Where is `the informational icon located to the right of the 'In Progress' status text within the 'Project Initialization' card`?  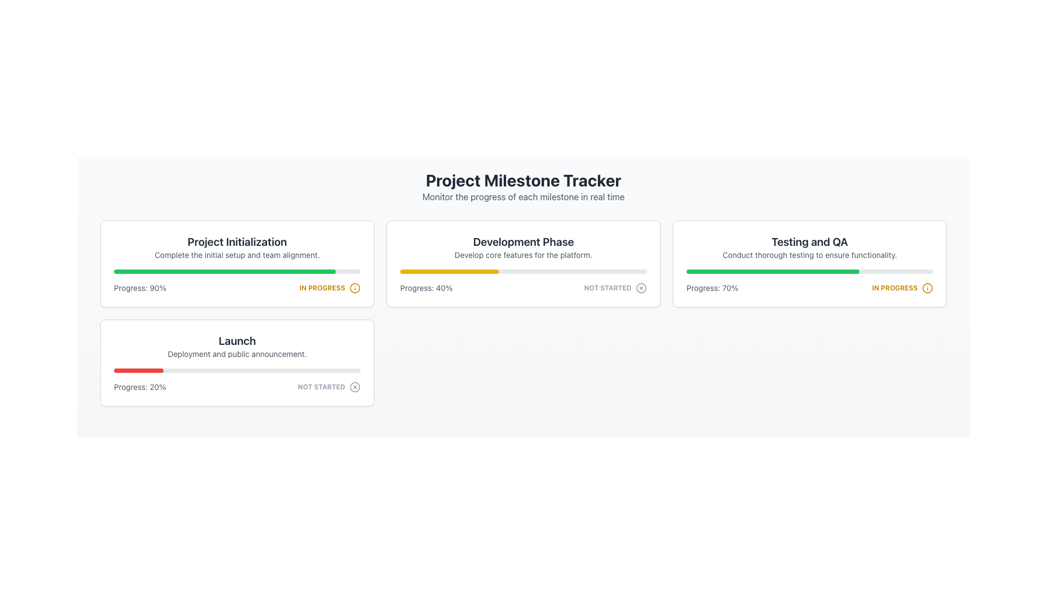 the informational icon located to the right of the 'In Progress' status text within the 'Project Initialization' card is located at coordinates (355, 288).